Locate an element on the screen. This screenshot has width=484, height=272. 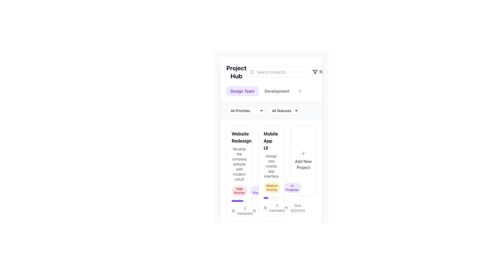
the label with an icon indicating the number of members associated with the 'Mobile App UI' task, located above the progress bar and next to the 'Due 4/1/2024' text component is located at coordinates (271, 208).